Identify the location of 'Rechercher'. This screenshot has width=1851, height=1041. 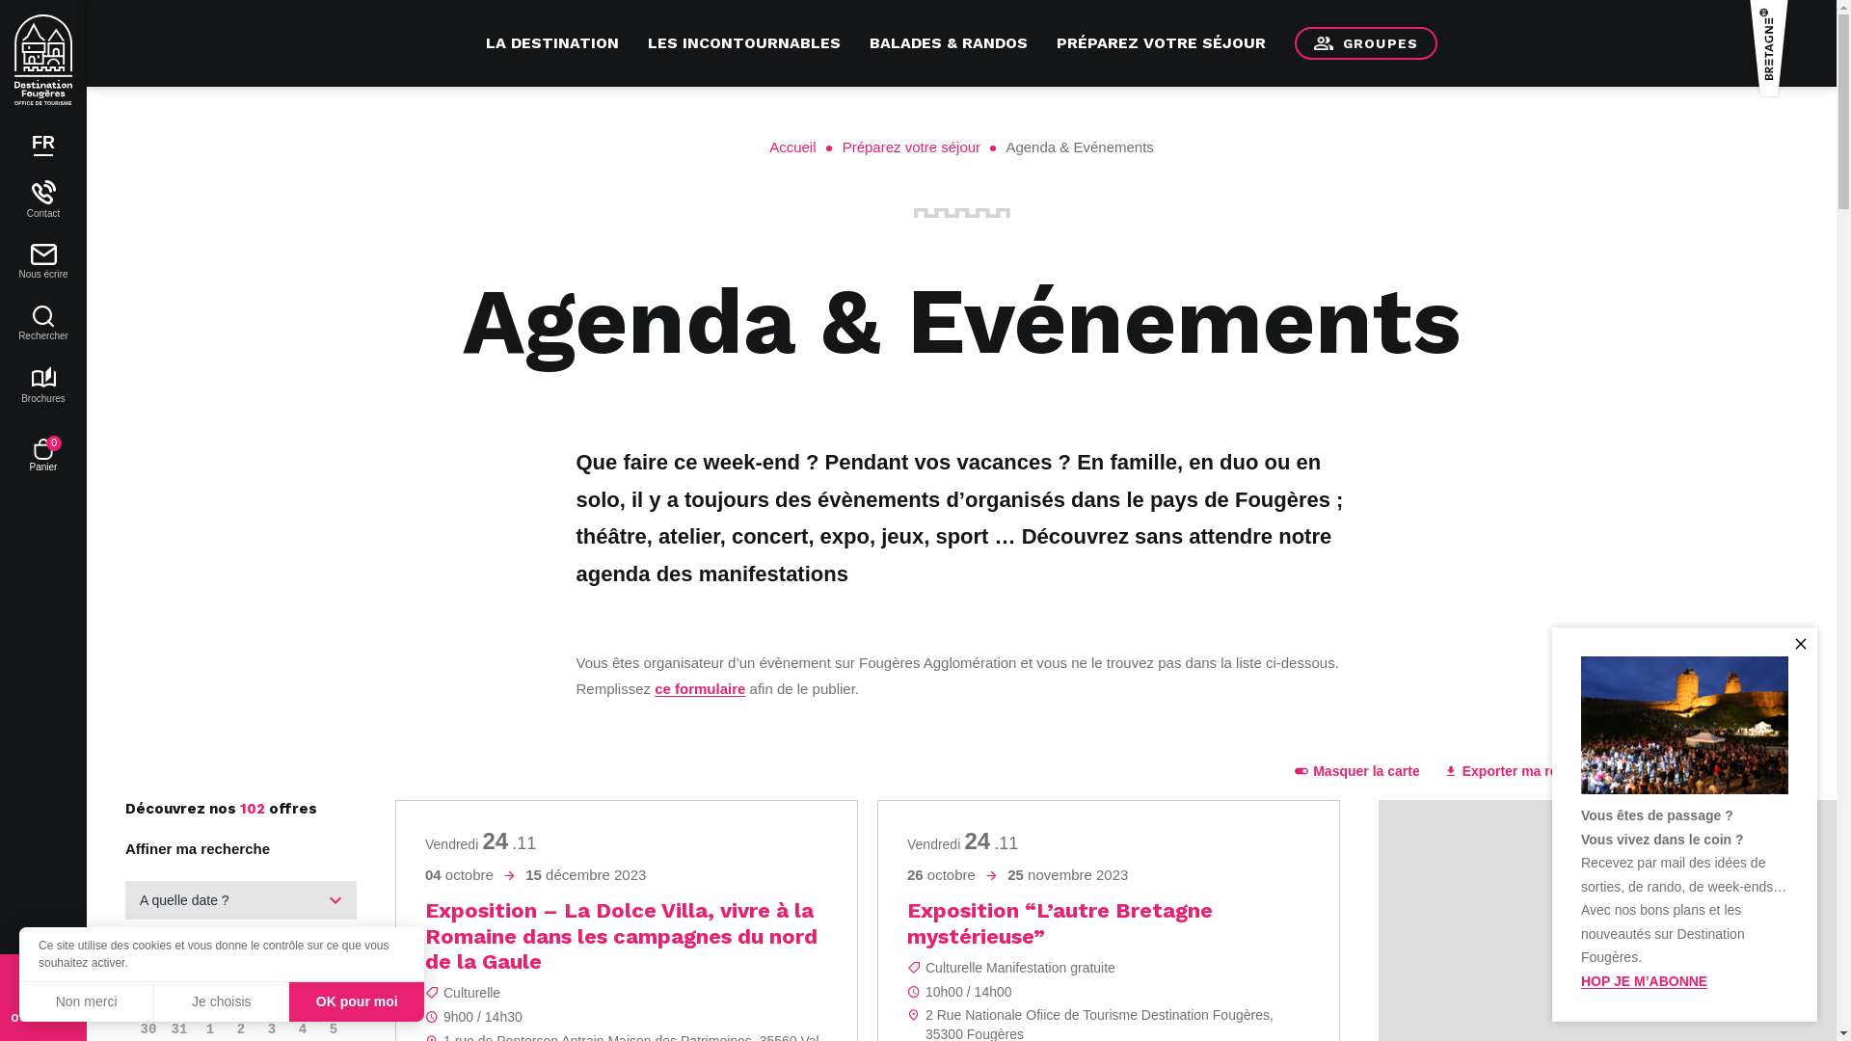
(42, 322).